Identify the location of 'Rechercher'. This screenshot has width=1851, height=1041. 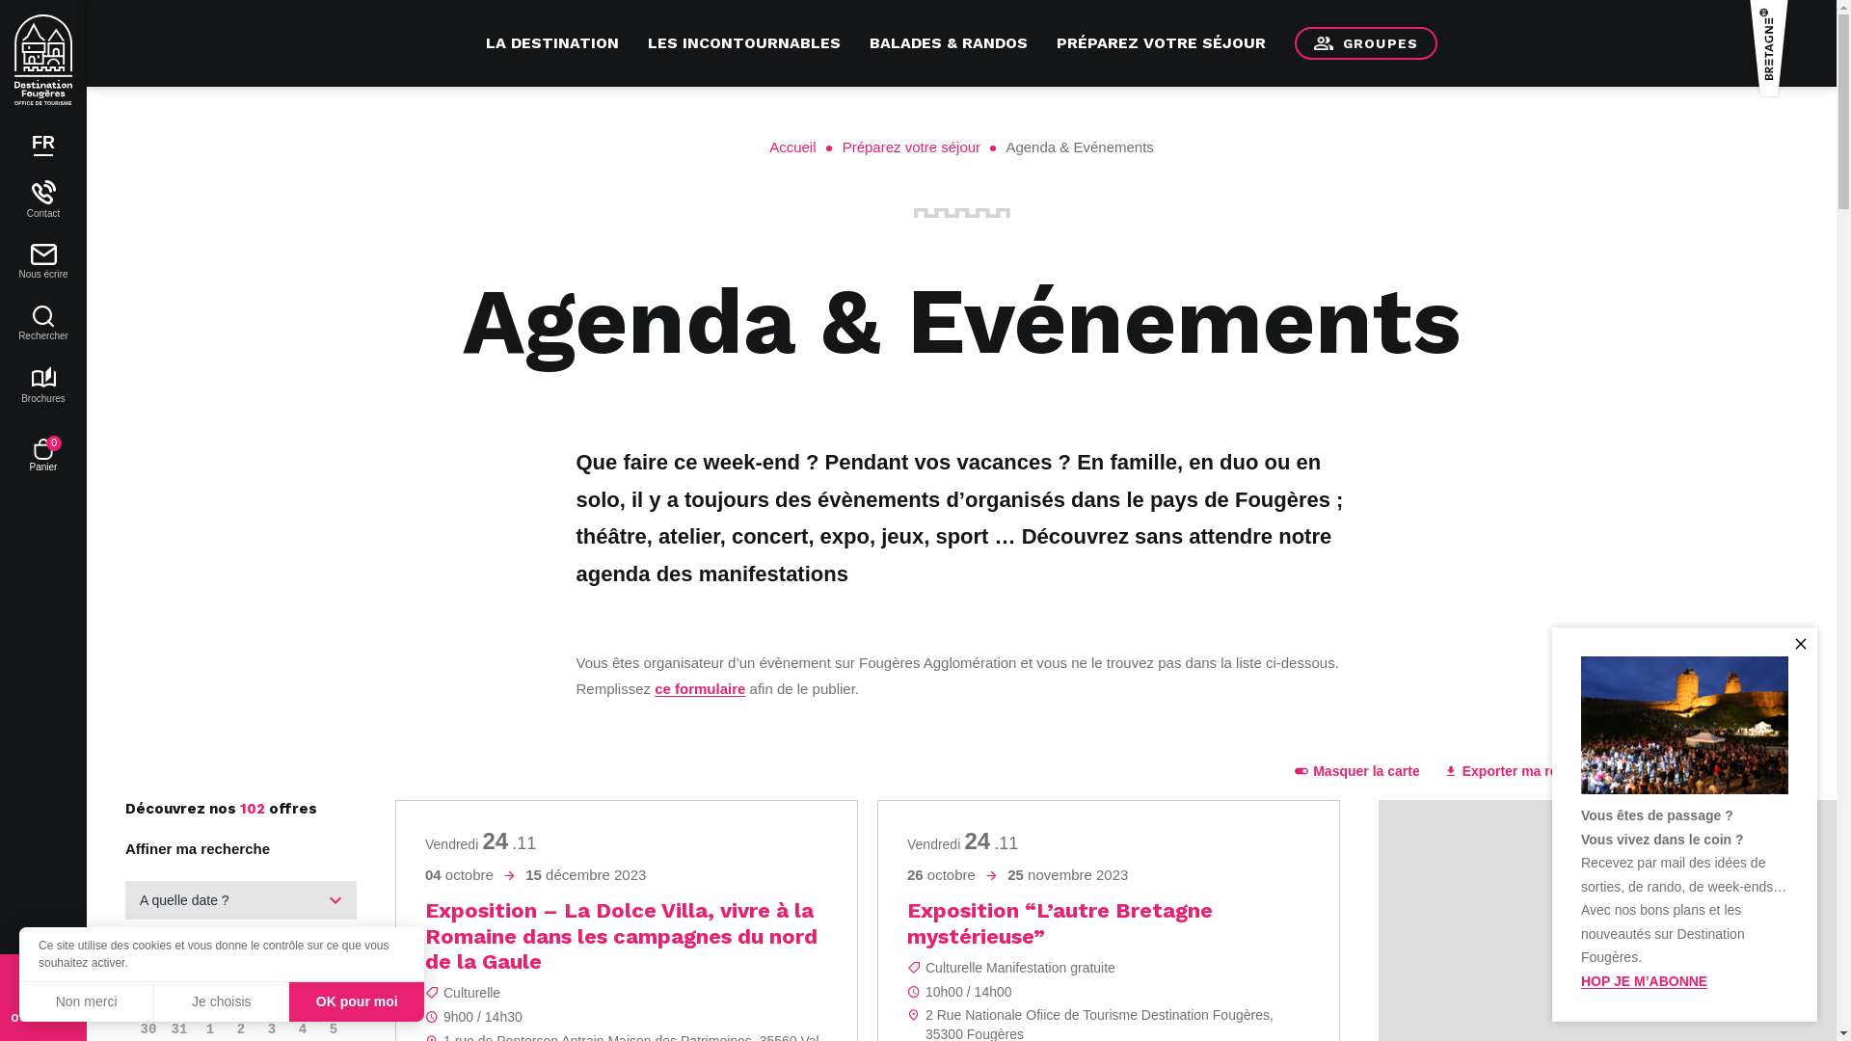
(42, 322).